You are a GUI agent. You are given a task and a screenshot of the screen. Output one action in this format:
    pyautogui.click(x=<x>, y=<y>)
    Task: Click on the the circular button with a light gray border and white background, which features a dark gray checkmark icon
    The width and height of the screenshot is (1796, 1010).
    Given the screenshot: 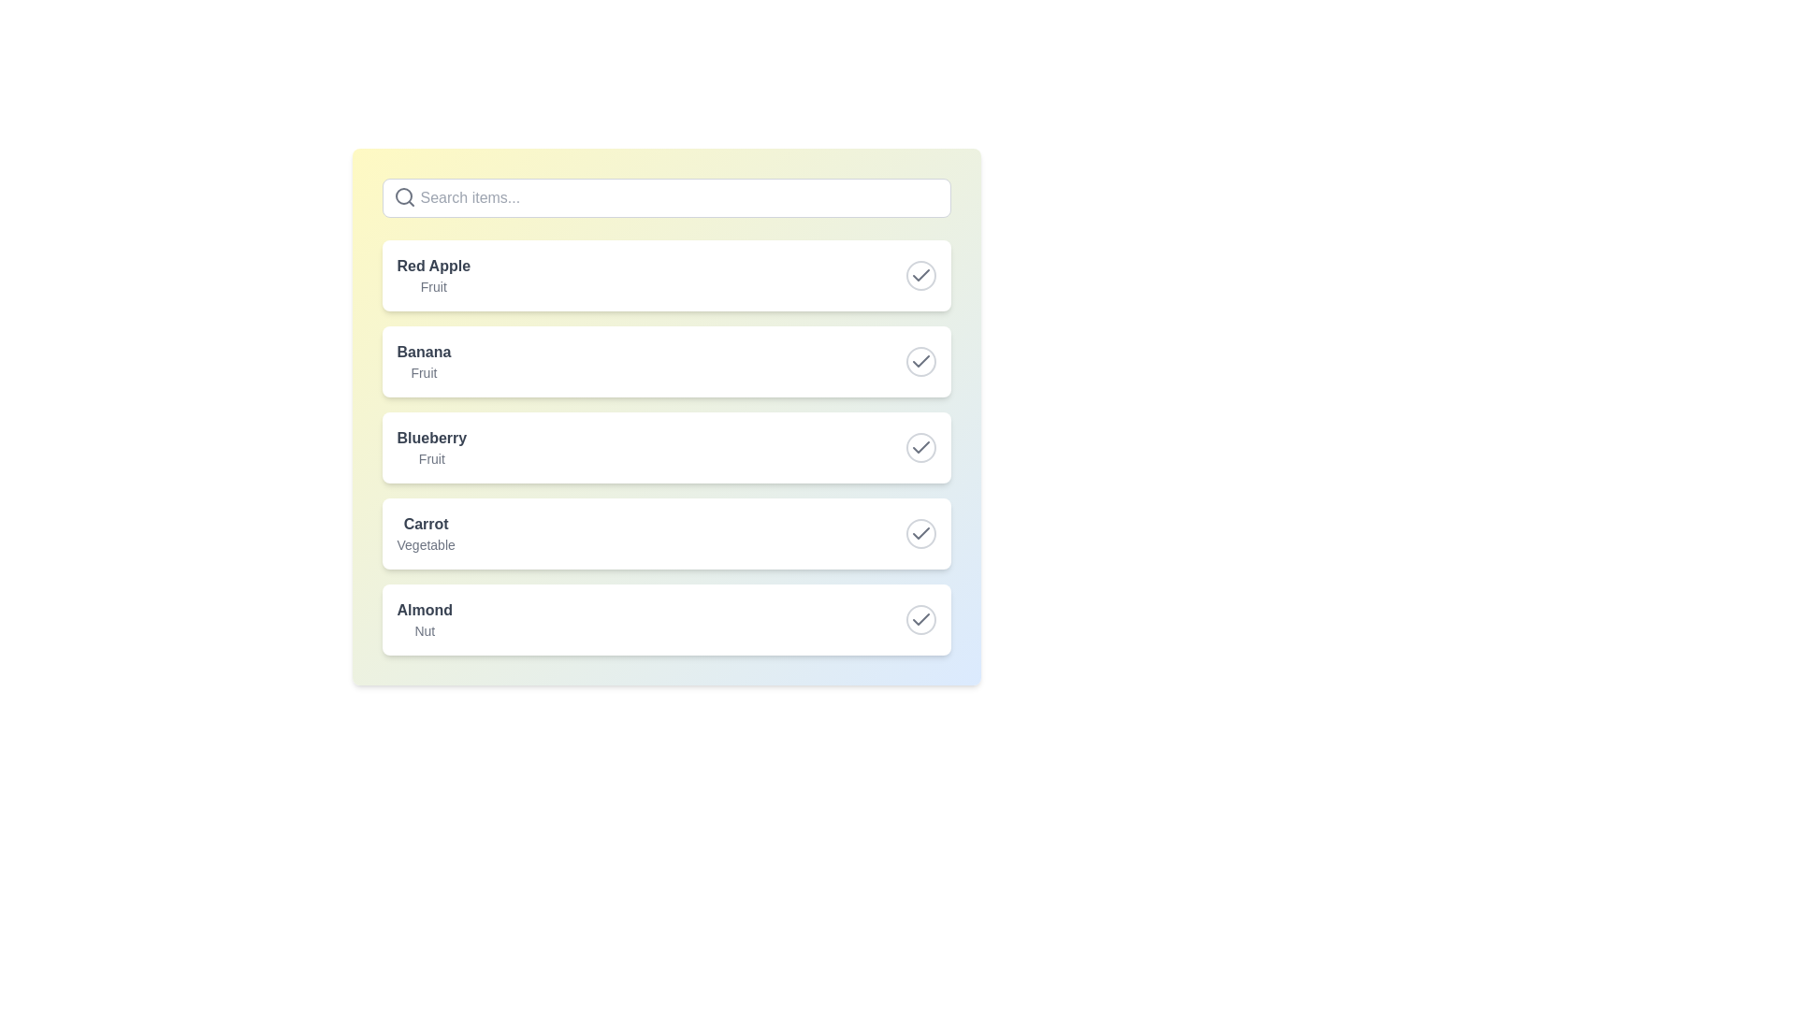 What is the action you would take?
    pyautogui.click(x=920, y=275)
    